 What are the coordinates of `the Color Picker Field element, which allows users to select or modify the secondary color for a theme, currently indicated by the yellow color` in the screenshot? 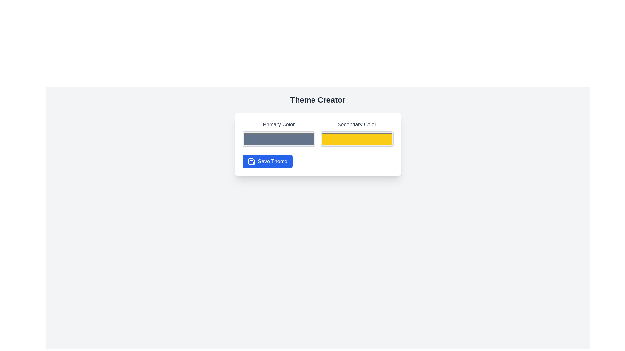 It's located at (356, 139).